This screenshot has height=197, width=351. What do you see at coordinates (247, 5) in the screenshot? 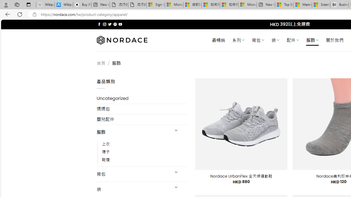
I see `'Microsoft account | Account Checkup'` at bounding box center [247, 5].